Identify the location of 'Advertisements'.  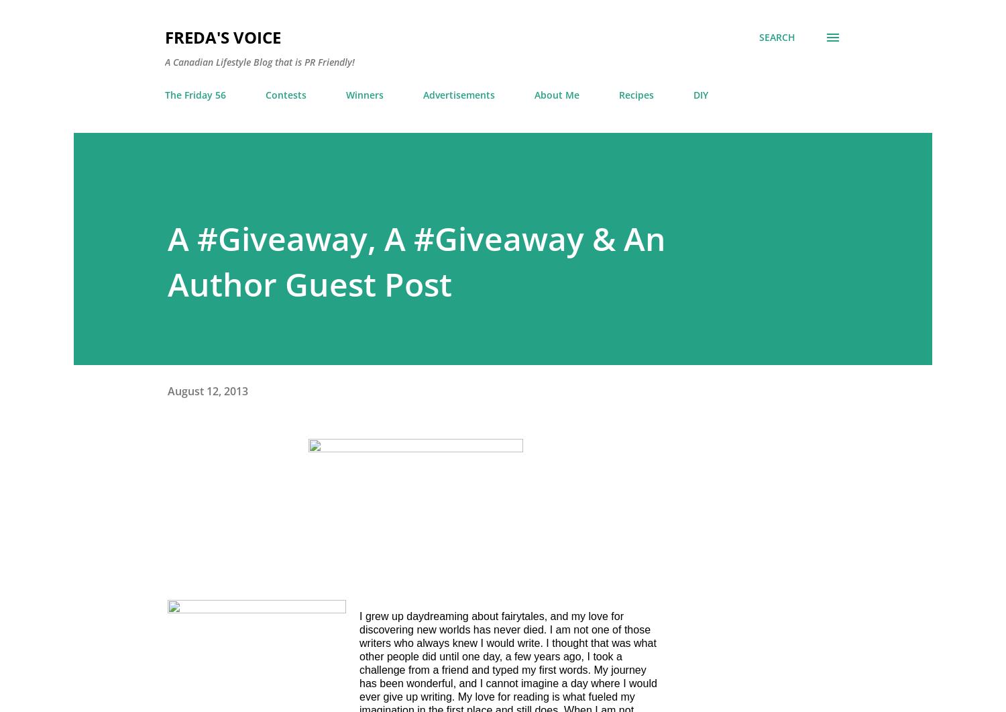
(459, 95).